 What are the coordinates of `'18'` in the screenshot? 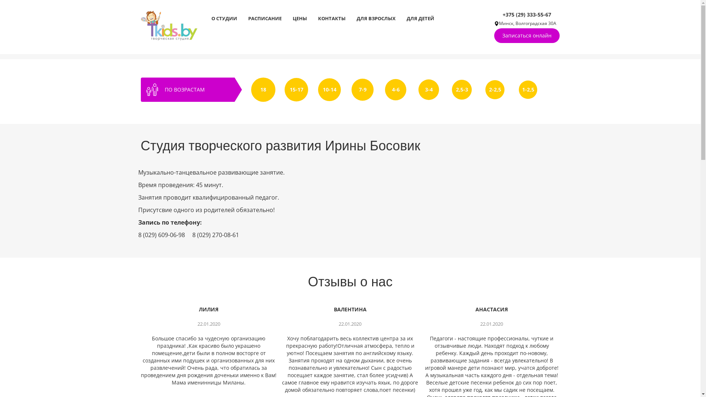 It's located at (251, 89).